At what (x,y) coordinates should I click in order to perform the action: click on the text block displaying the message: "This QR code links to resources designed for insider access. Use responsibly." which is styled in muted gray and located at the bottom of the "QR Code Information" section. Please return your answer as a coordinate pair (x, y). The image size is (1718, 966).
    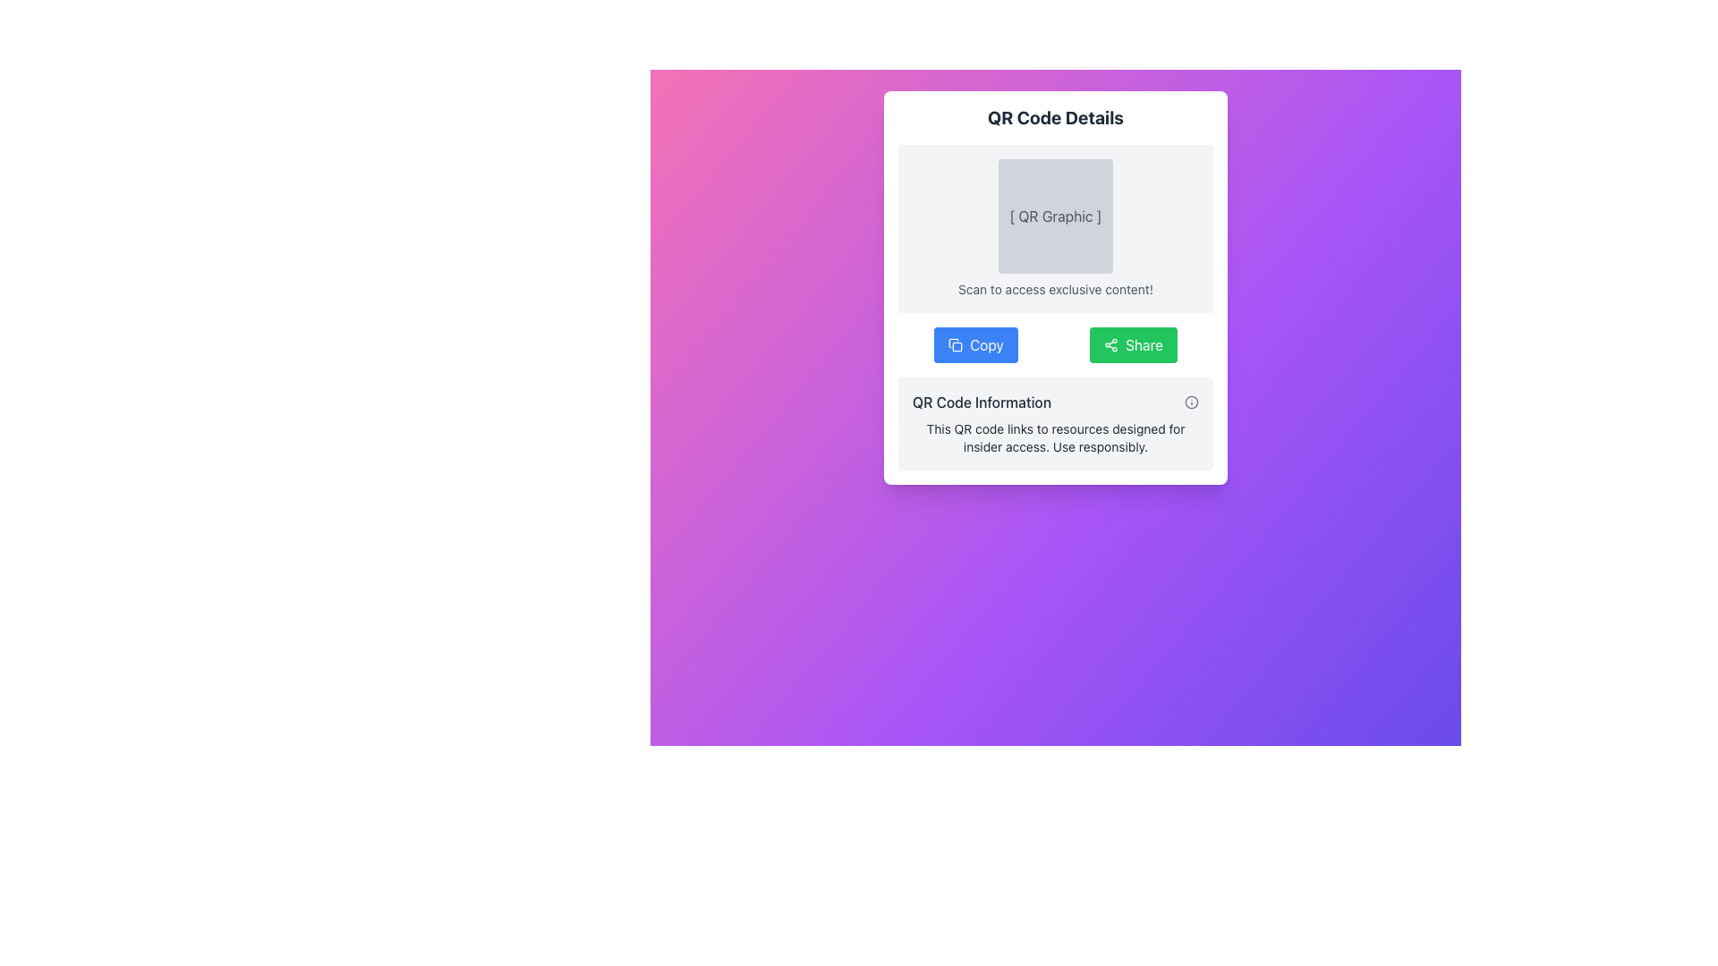
    Looking at the image, I should click on (1056, 437).